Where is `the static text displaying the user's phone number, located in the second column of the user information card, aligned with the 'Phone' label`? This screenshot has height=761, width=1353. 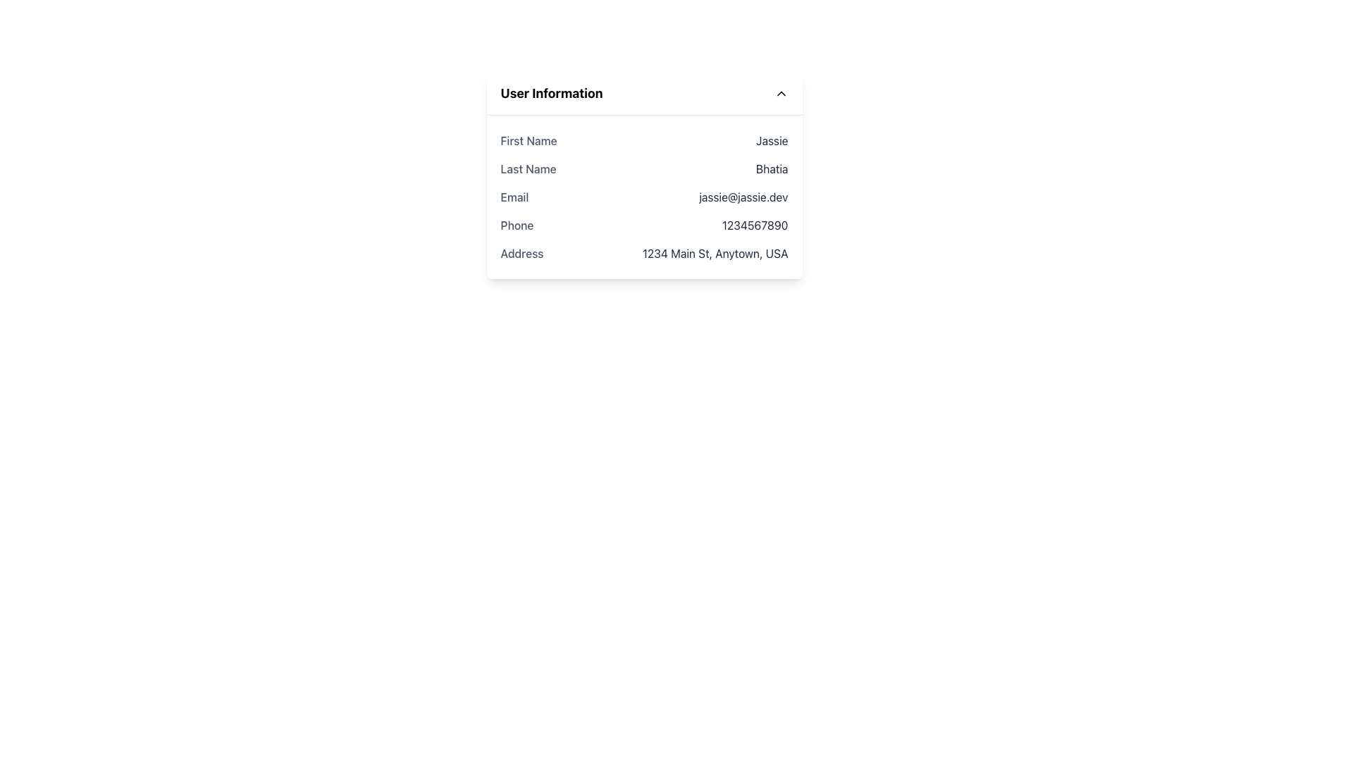
the static text displaying the user's phone number, located in the second column of the user information card, aligned with the 'Phone' label is located at coordinates (754, 225).